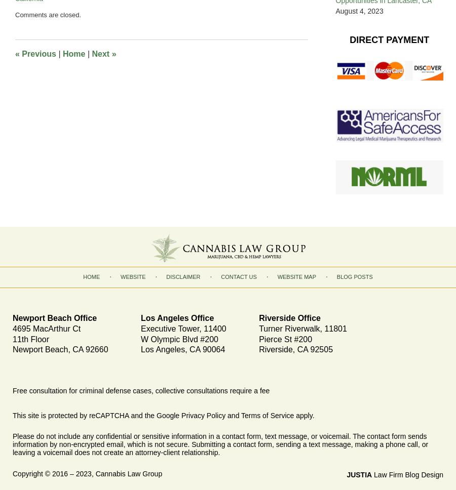  What do you see at coordinates (12, 328) in the screenshot?
I see `'4695 MacArthur Ct'` at bounding box center [12, 328].